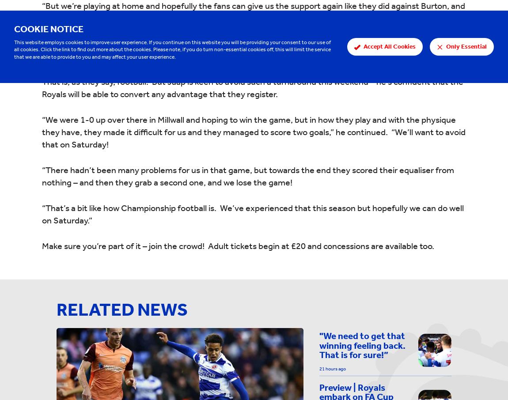 This screenshot has height=400, width=508. I want to click on '21 hours ago', so click(318, 368).